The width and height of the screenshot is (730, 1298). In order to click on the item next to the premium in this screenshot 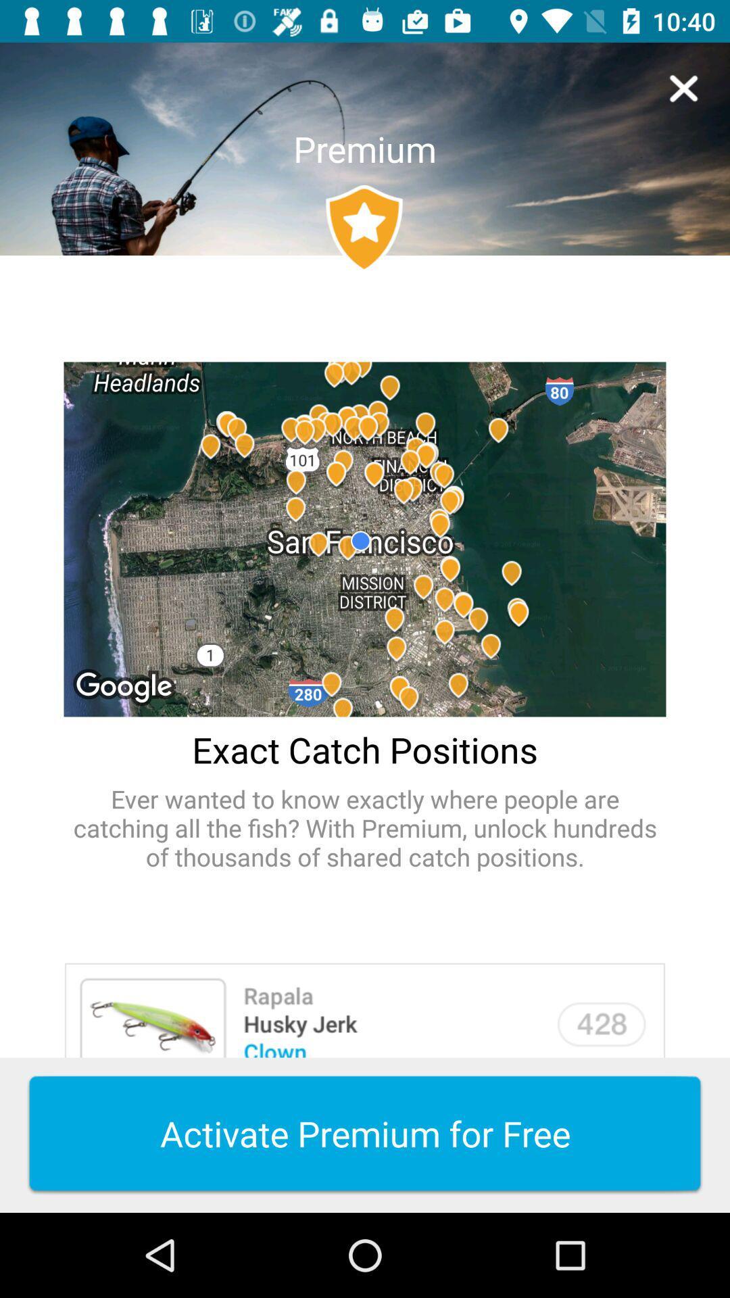, I will do `click(683, 88)`.